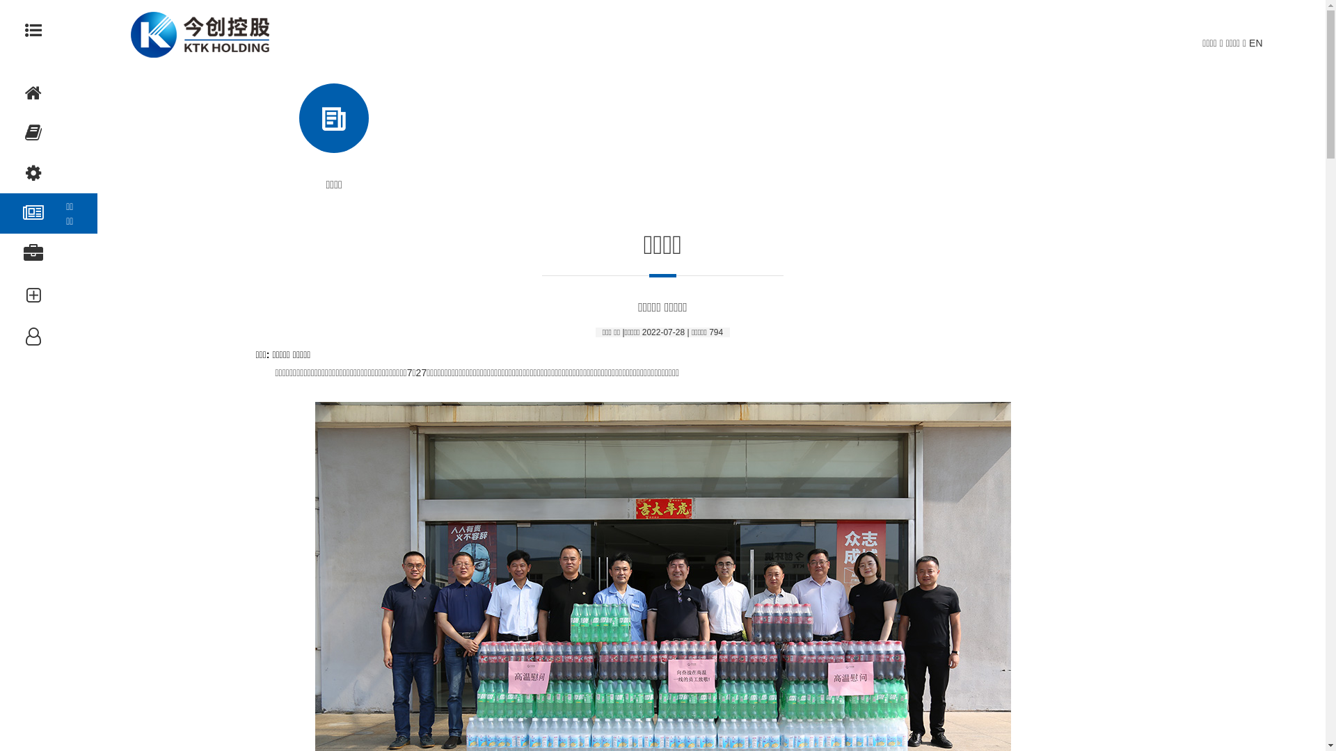  What do you see at coordinates (1255, 42) in the screenshot?
I see `'EN'` at bounding box center [1255, 42].